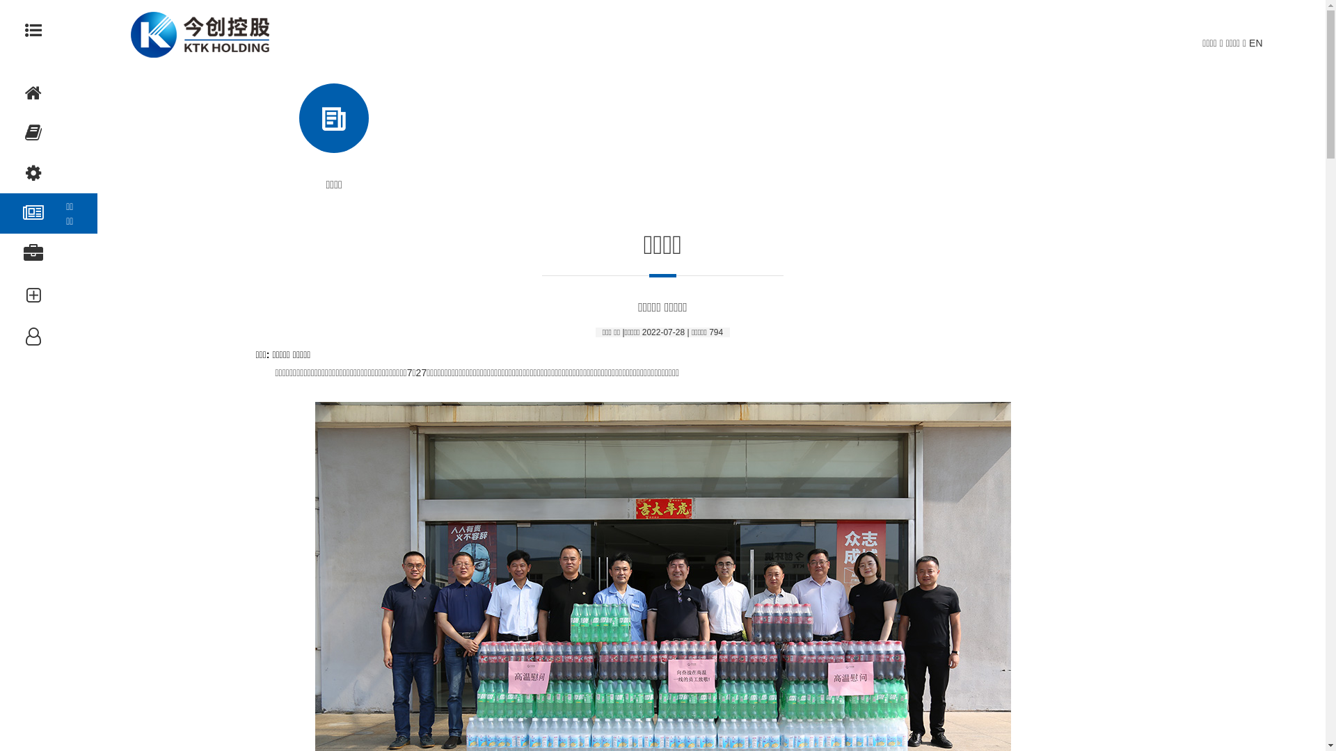  What do you see at coordinates (1255, 42) in the screenshot?
I see `'EN'` at bounding box center [1255, 42].